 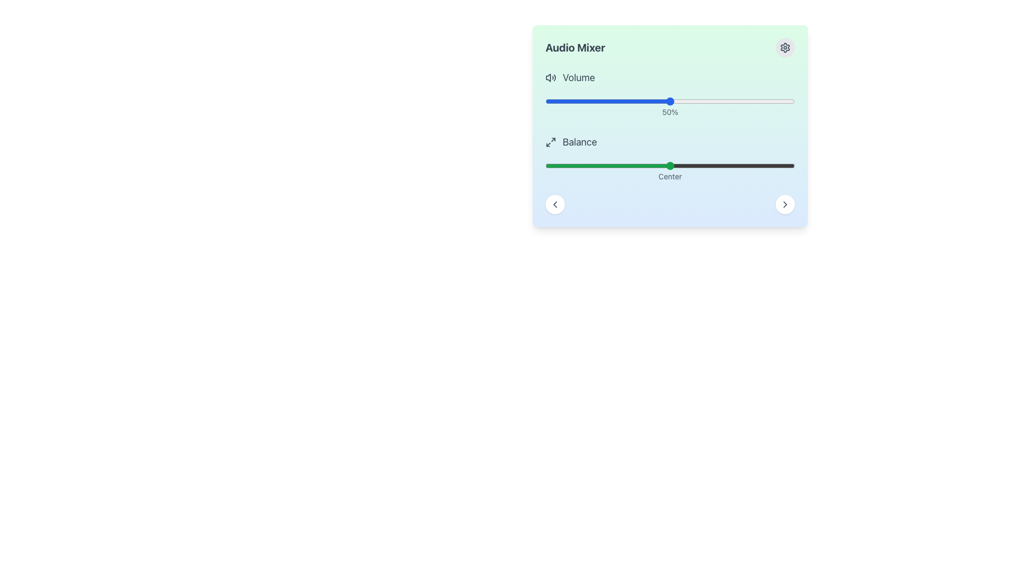 What do you see at coordinates (707, 102) in the screenshot?
I see `the volume` at bounding box center [707, 102].